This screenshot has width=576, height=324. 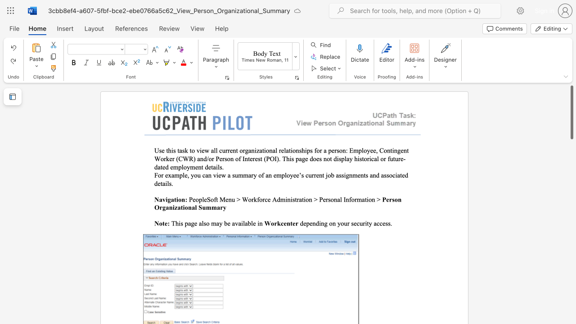 What do you see at coordinates (321, 223) in the screenshot?
I see `the subset text "ng on your security" within the text "depending on your security access."` at bounding box center [321, 223].